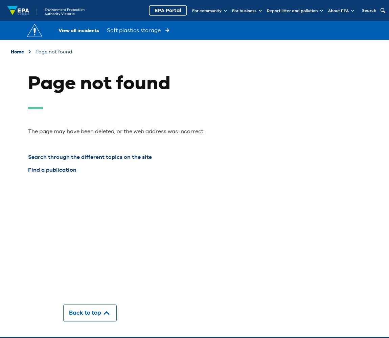  Describe the element at coordinates (369, 10) in the screenshot. I see `'Search'` at that location.